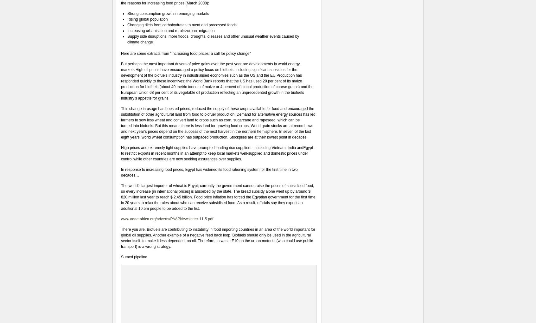 The width and height of the screenshot is (536, 323). Describe the element at coordinates (168, 13) in the screenshot. I see `'Strong consumption growth in emerging markets'` at that location.